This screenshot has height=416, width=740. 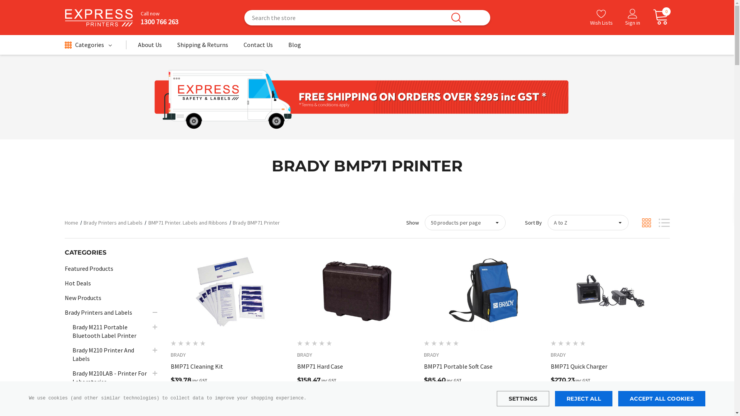 I want to click on 'Sign in', so click(x=632, y=17).